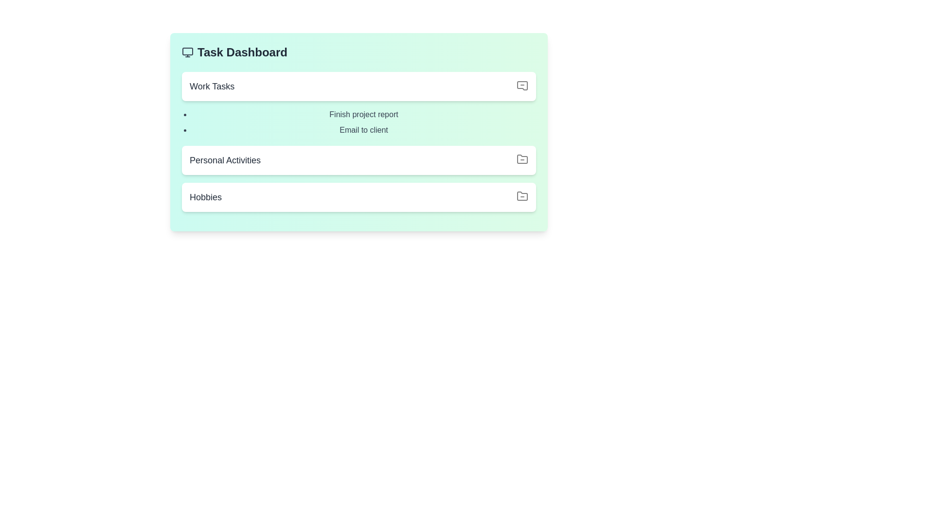 The image size is (934, 525). What do you see at coordinates (359, 86) in the screenshot?
I see `the section title Work Tasks to observe any visual changes` at bounding box center [359, 86].